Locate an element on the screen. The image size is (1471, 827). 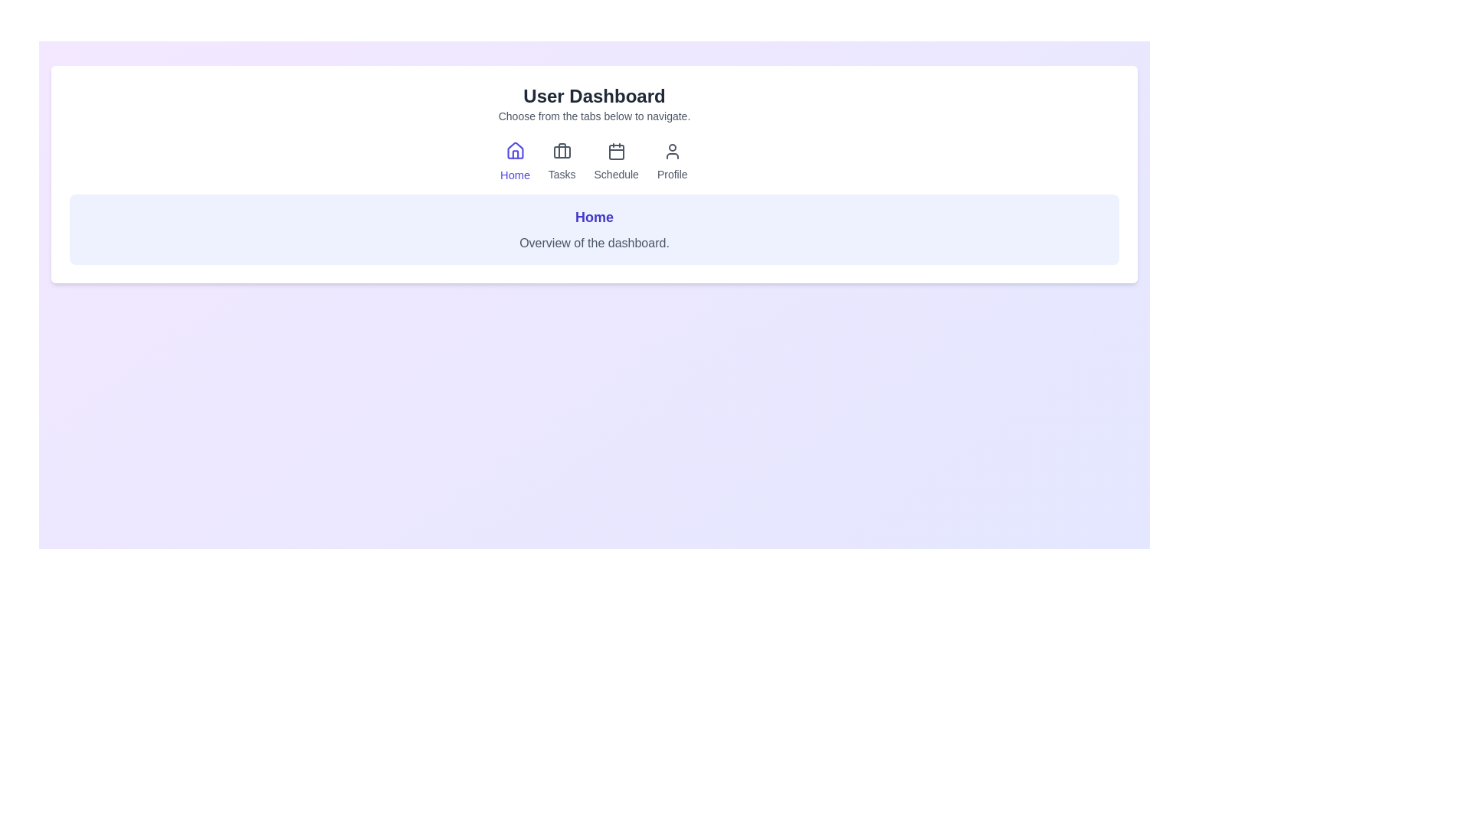
the 'Profile' navigation icon located in the top navigation bar is located at coordinates (672, 151).